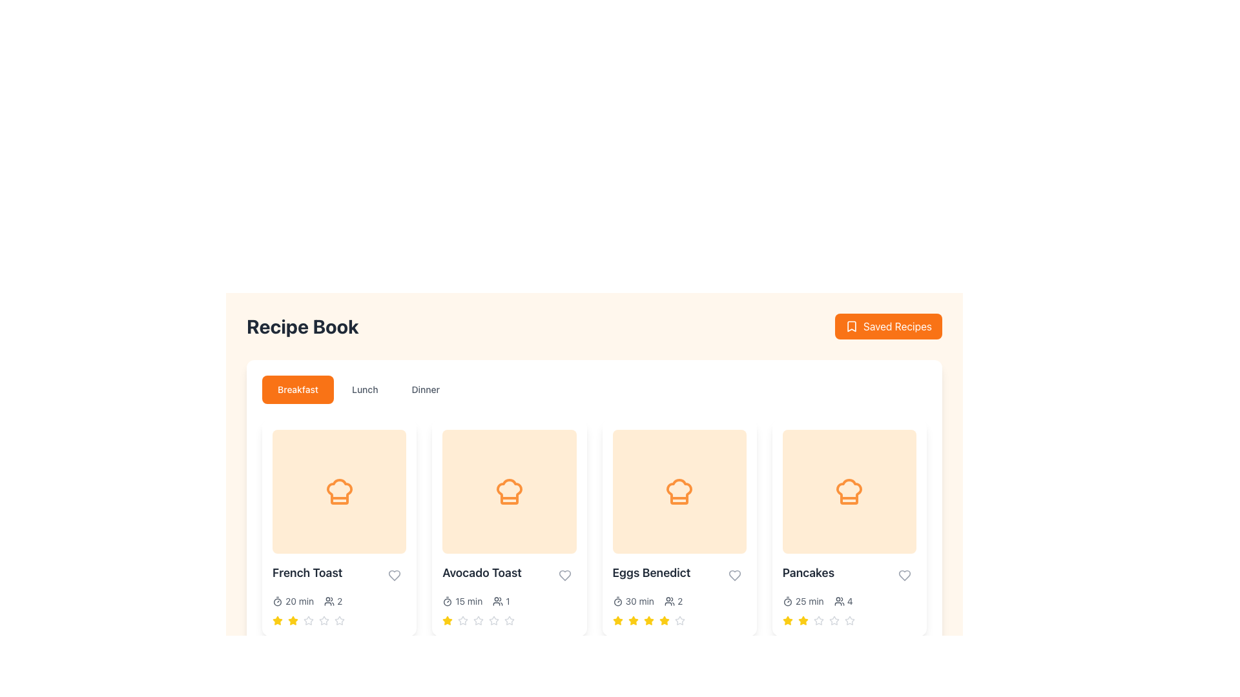 This screenshot has width=1240, height=697. Describe the element at coordinates (850, 601) in the screenshot. I see `the red-colored number '4' icon, which is part of the Pancakes card in the Recipe Book interface, located near the bottom-right corner next to the participants icon` at that location.